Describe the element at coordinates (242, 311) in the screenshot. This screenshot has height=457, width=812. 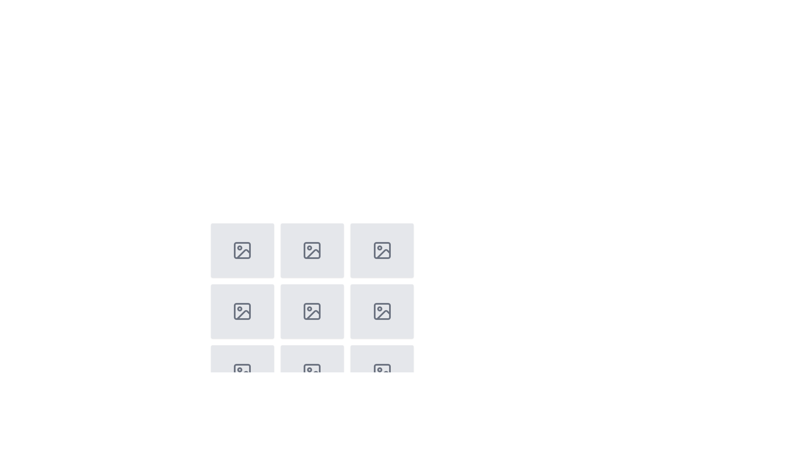
I see `the ornamental rectangular shape with rounded corners in the second row, first column of the SVG-based icon` at that location.